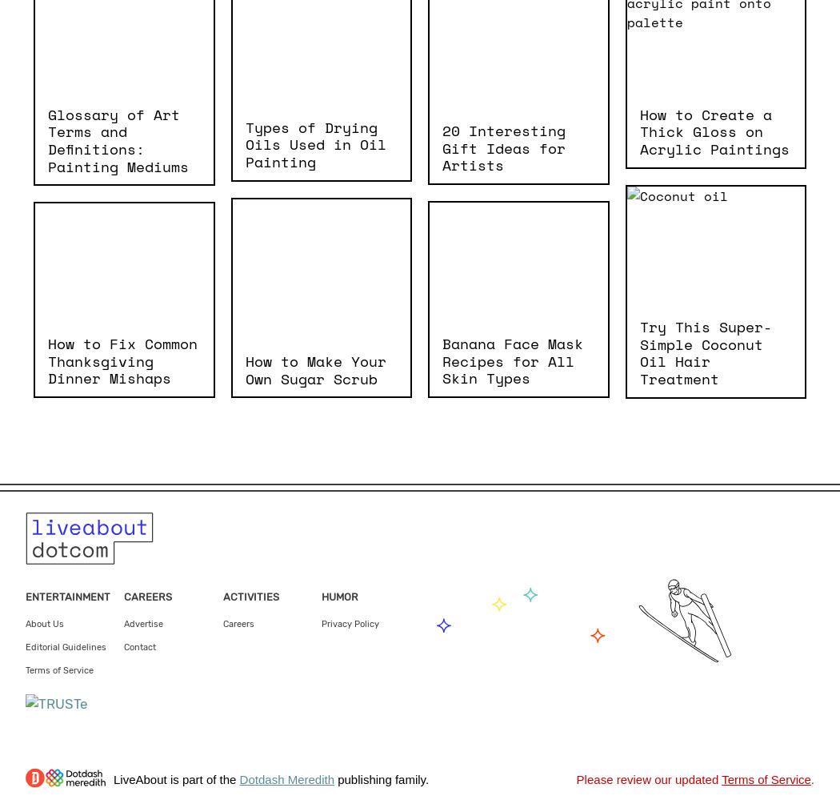 The width and height of the screenshot is (840, 804). I want to click on 'How to Create a Thick Gloss on Acrylic Paintings', so click(638, 130).